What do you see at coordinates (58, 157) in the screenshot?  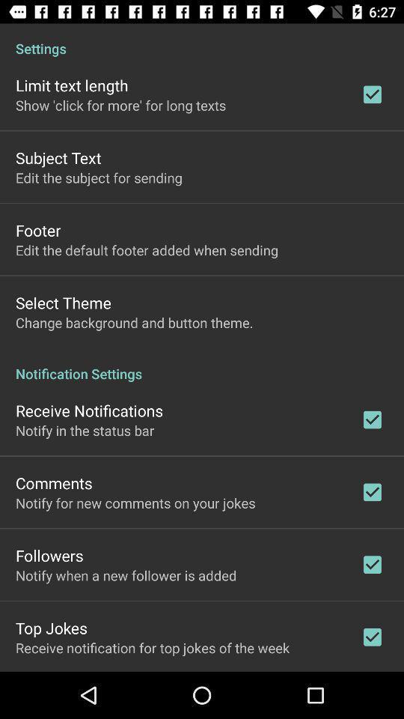 I see `item below the show click for item` at bounding box center [58, 157].